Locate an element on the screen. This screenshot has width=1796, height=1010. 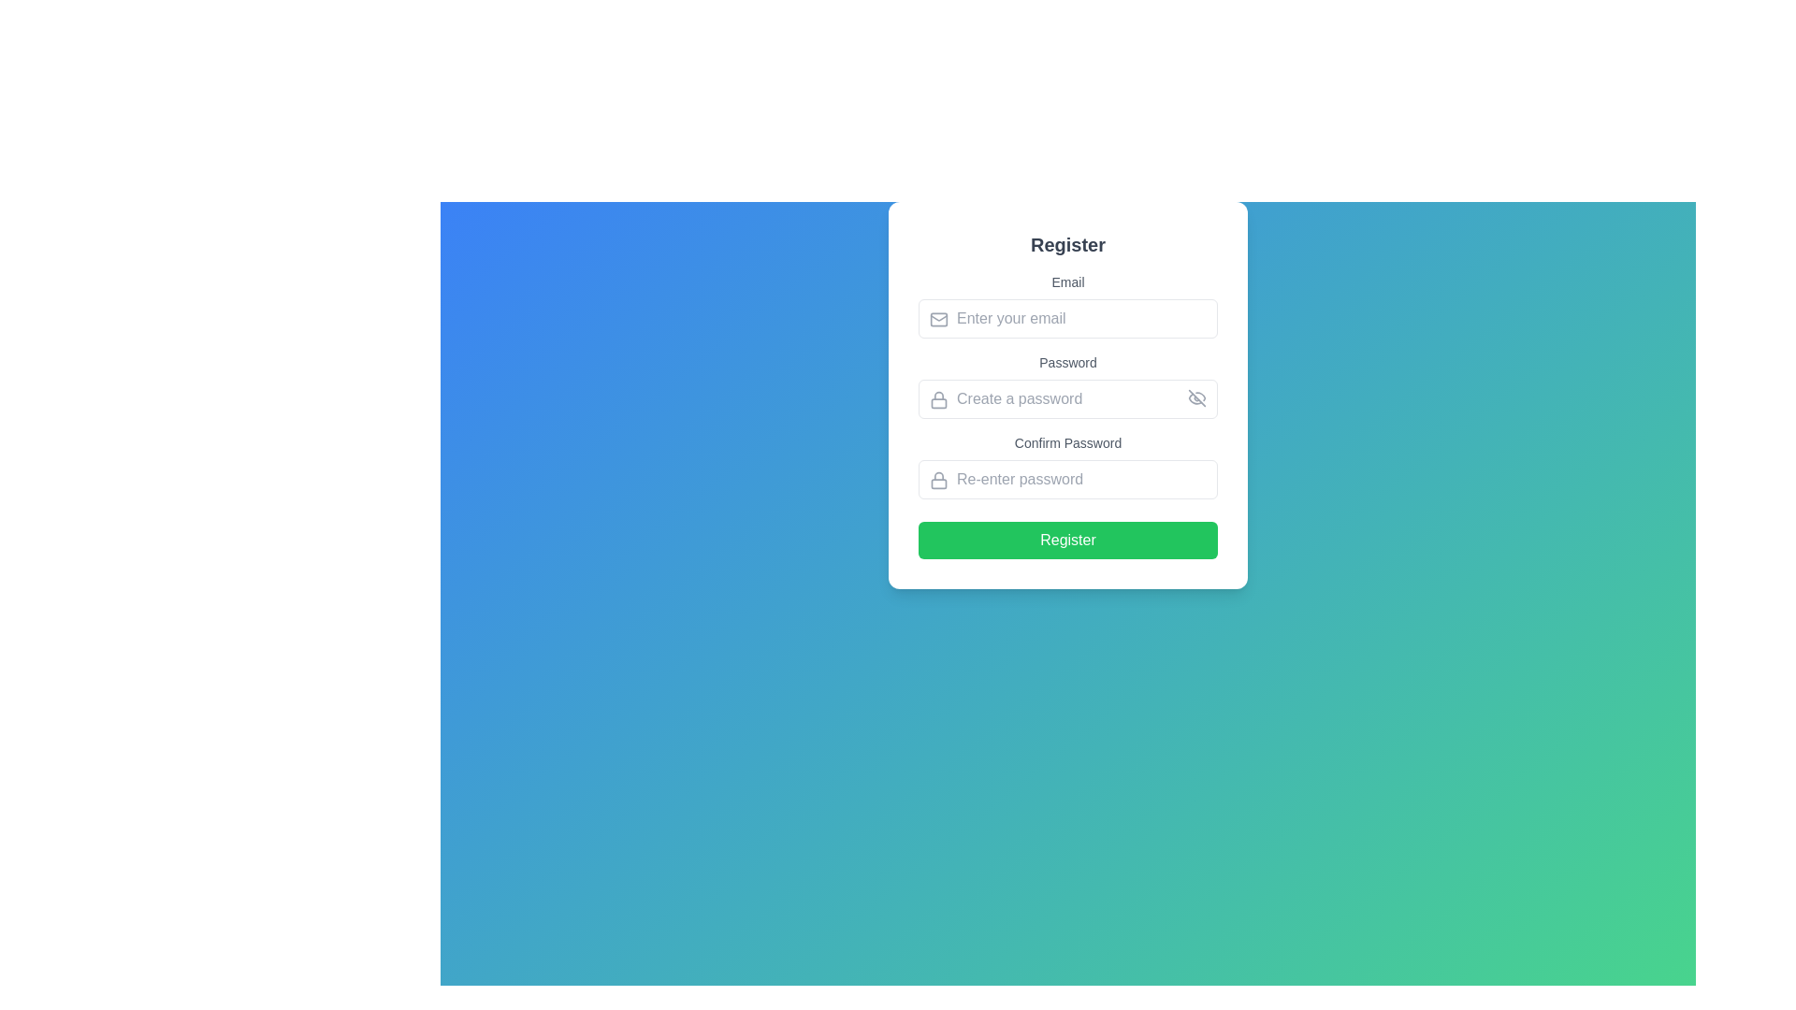
the toggle visibility button located at the top-right corner of the password input field is located at coordinates (1197, 397).